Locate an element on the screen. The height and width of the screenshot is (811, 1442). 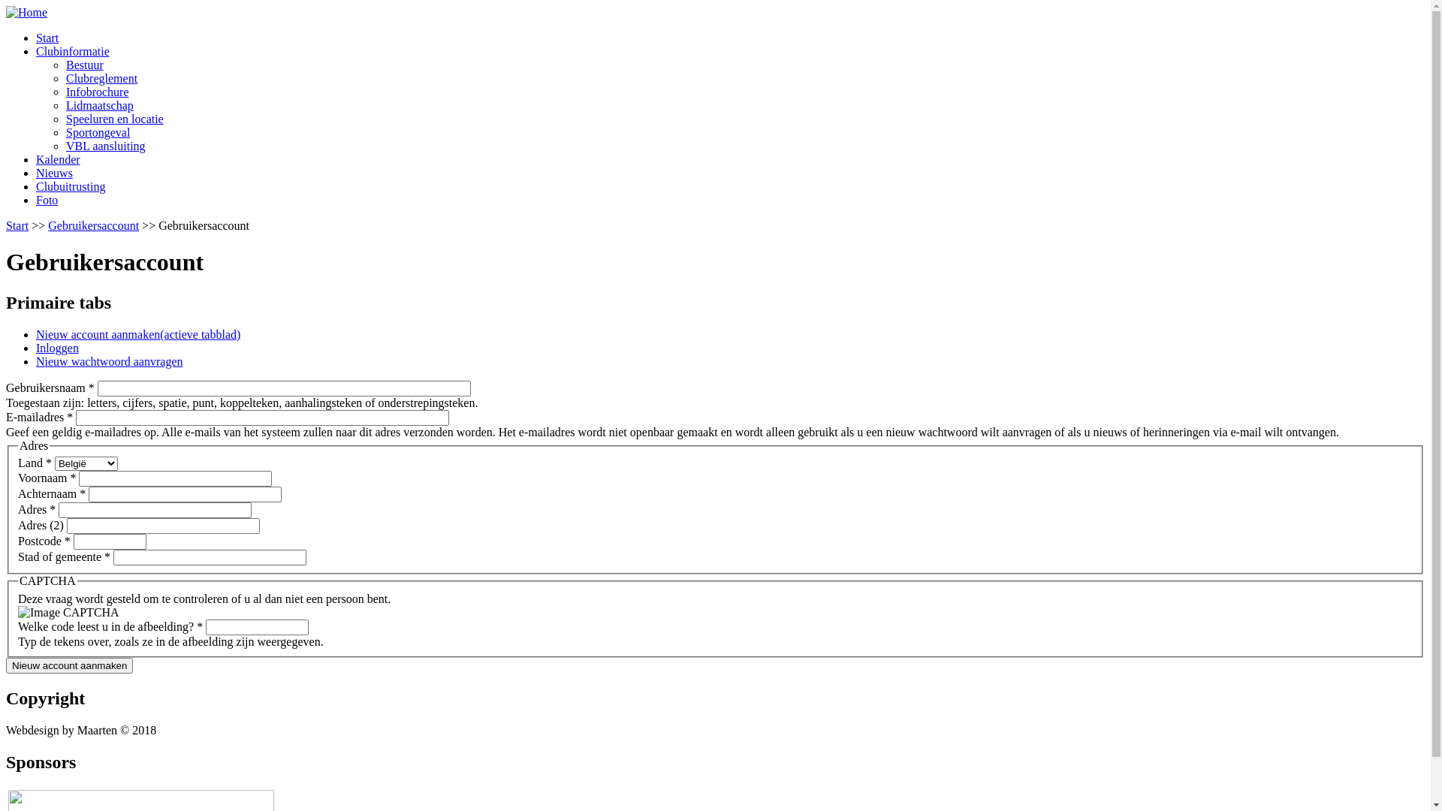
'Gebruikersaccount' is located at coordinates (47, 225).